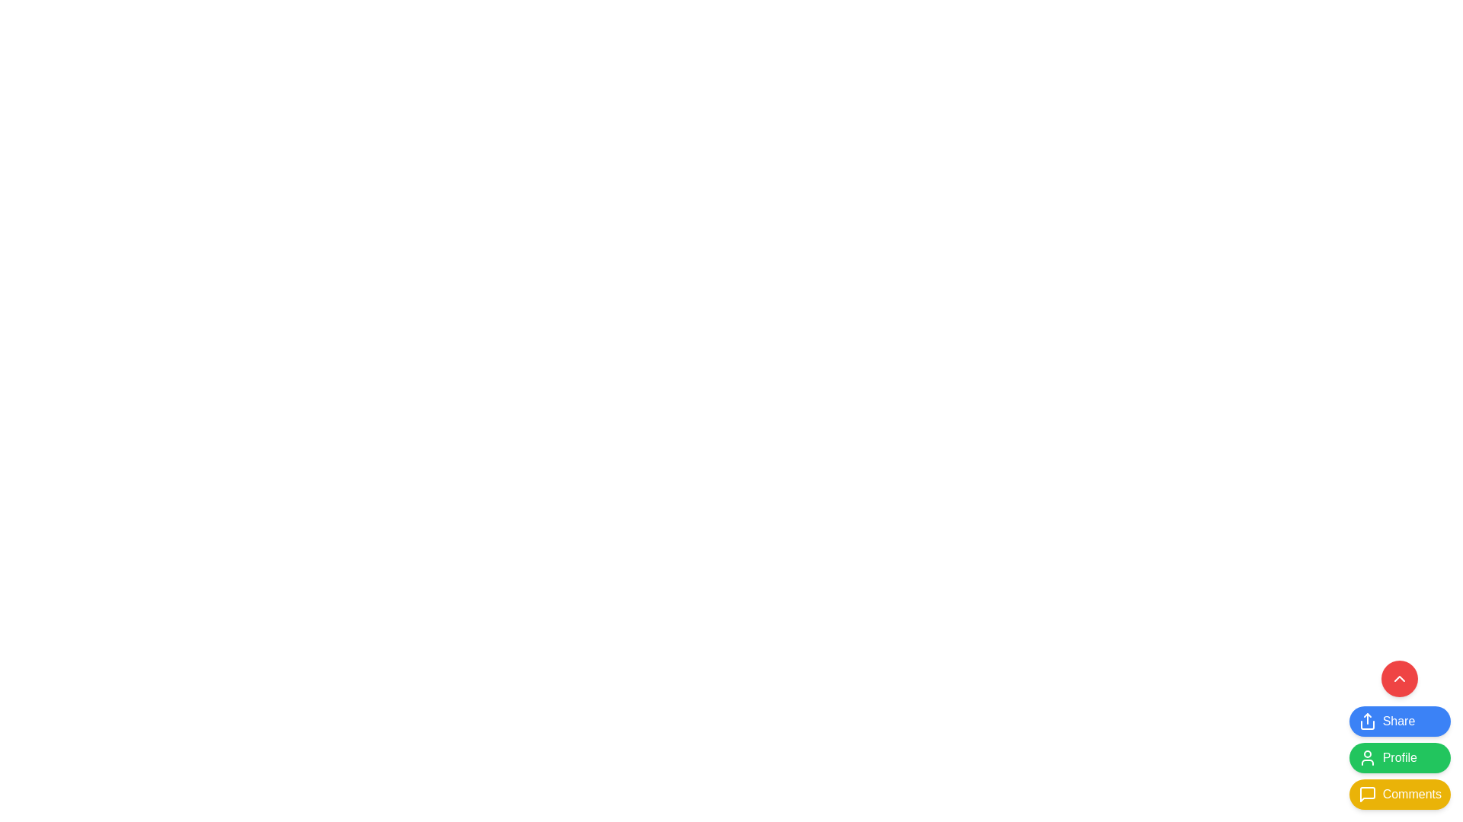 The height and width of the screenshot is (822, 1463). I want to click on the 'Profile' button, which has a green background and white text, so click(1400, 757).